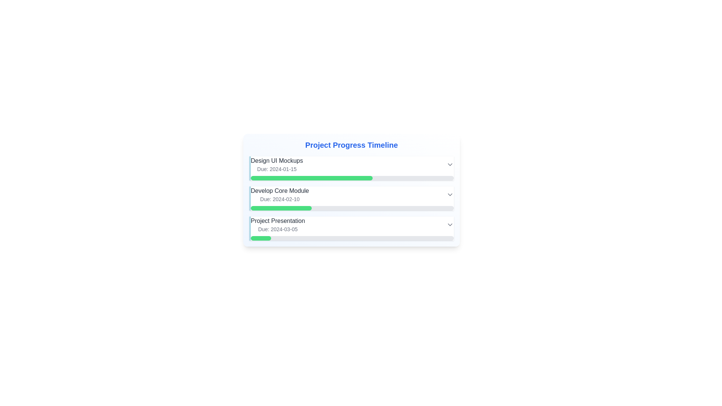  What do you see at coordinates (279, 191) in the screenshot?
I see `the text label displaying 'Develop Core Module', which is part of the progress timeline interface, positioned above a due date note and a progress bar` at bounding box center [279, 191].